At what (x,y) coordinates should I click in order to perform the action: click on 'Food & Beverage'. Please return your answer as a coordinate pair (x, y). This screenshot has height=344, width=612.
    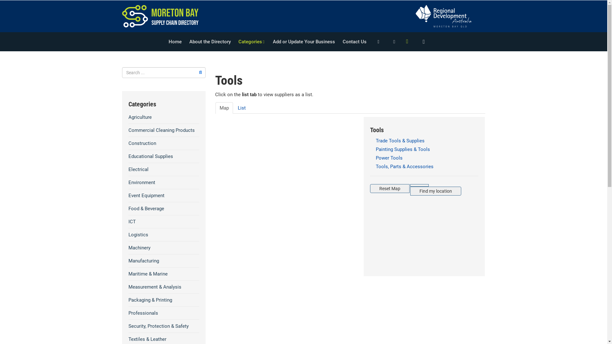
    Looking at the image, I should click on (128, 209).